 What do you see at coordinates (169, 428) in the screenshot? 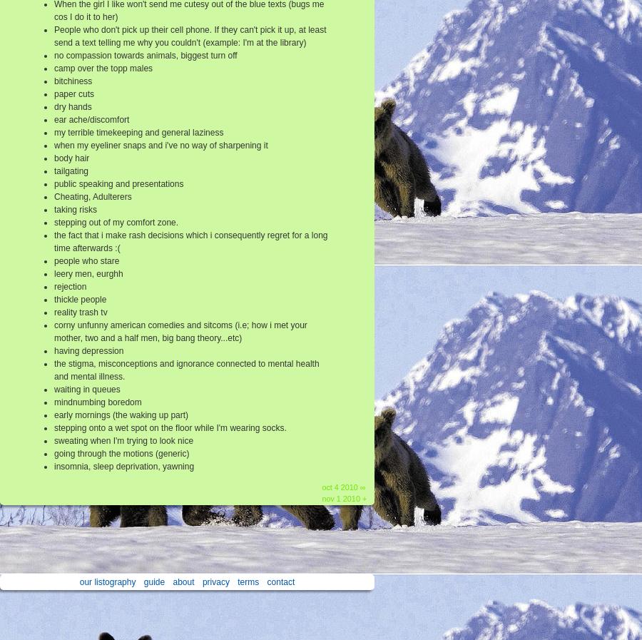
I see `'stepping onto a wet spot on the floor while I'm wearing socks.'` at bounding box center [169, 428].